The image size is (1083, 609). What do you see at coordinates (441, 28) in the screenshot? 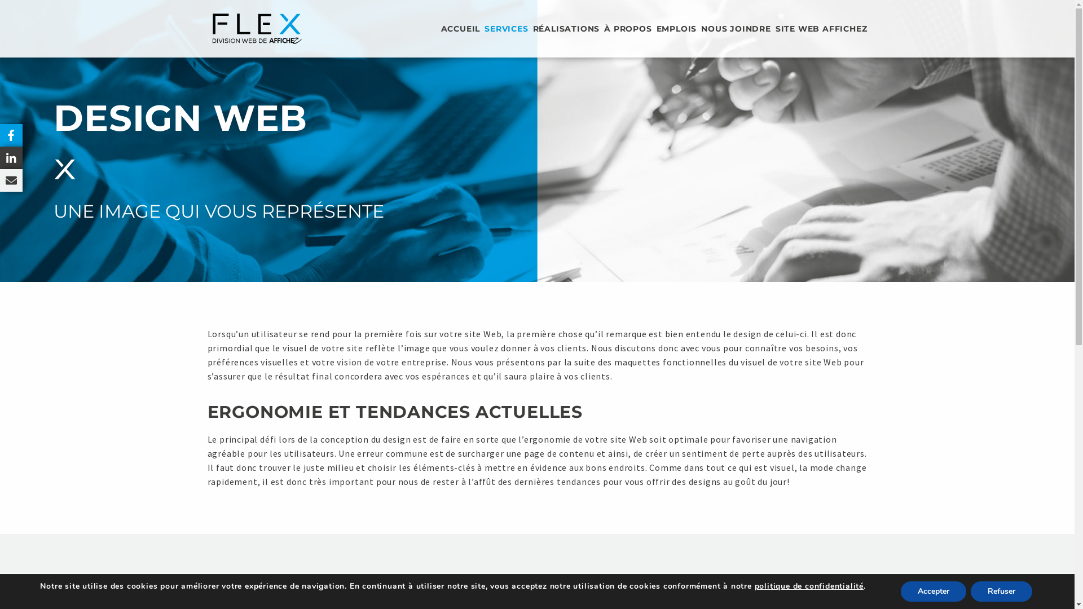
I see `'ACCUEIL'` at bounding box center [441, 28].